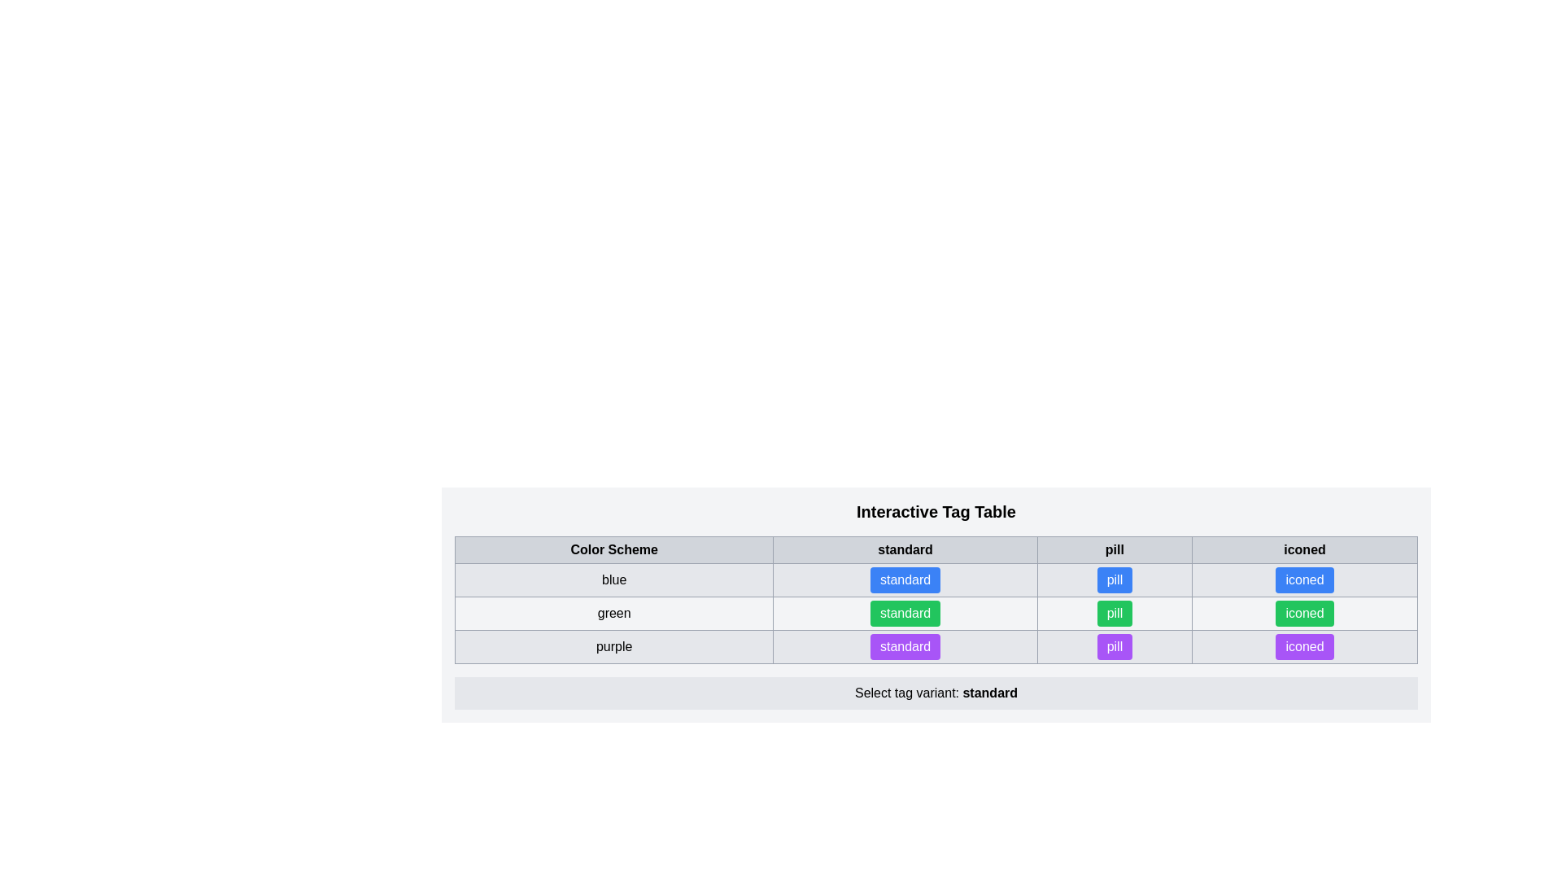  I want to click on the Label containing the text 'standard' which is bordered by a thin gray line and has a light-gray background, located in the second column of the 'Interactive Tag Table', so click(905, 549).